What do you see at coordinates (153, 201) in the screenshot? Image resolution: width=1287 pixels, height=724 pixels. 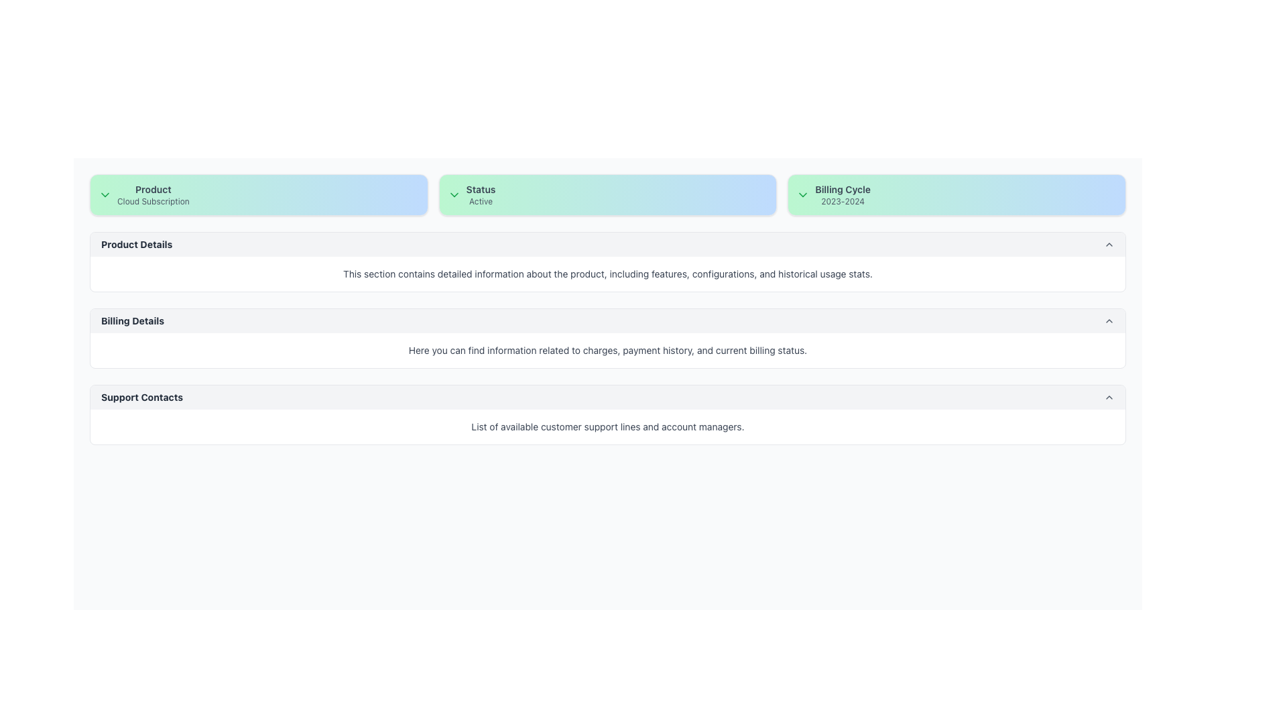 I see `the text label displaying 'Cloud Subscription', which is styled in gray and located beneath the 'Product' label in the top-left section of the interface` at bounding box center [153, 201].